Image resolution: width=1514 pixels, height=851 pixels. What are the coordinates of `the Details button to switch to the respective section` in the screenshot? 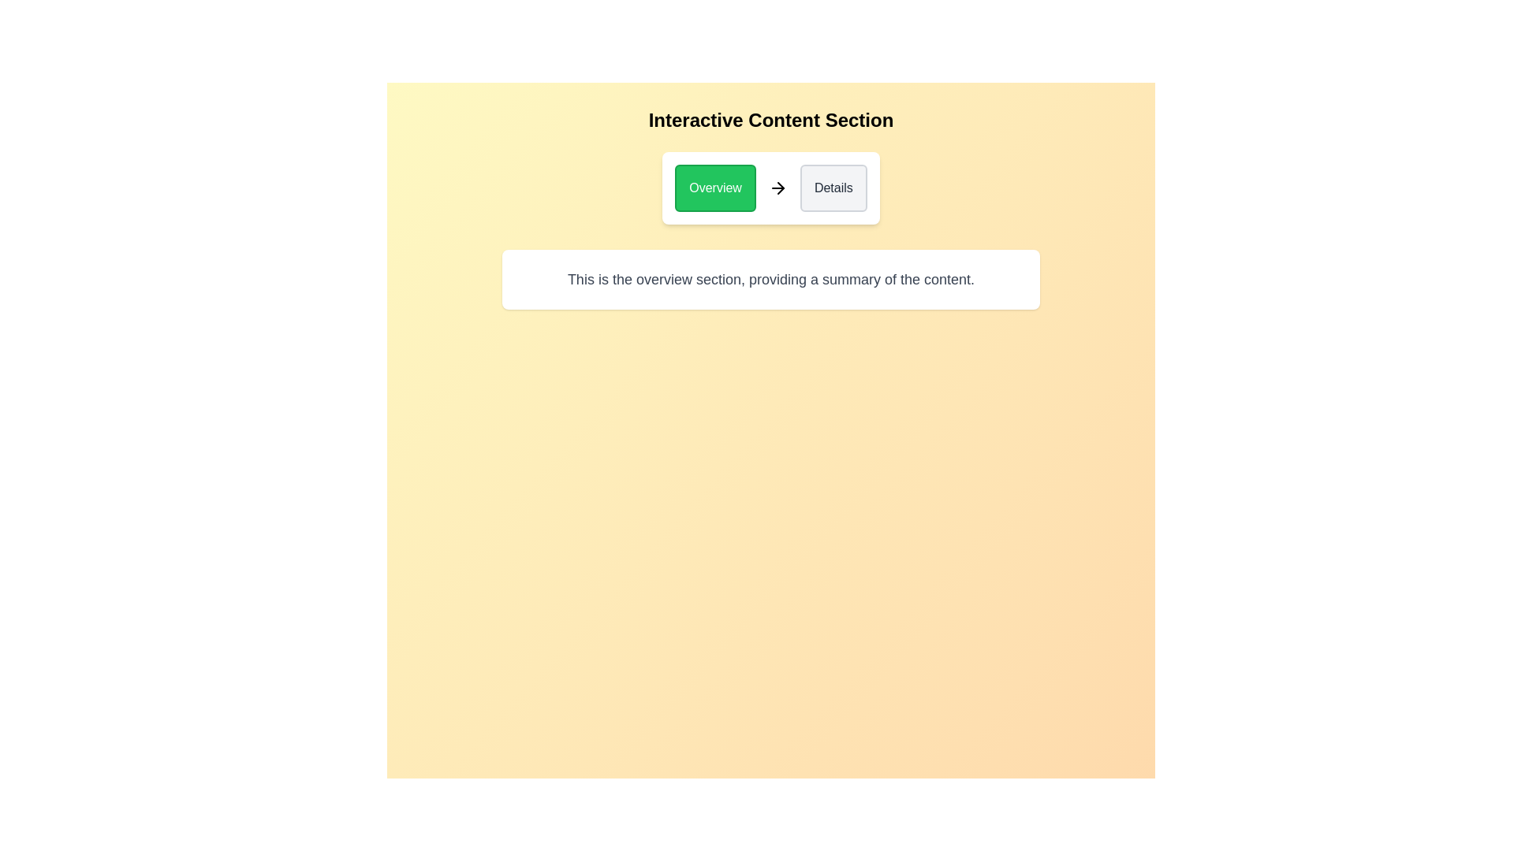 It's located at (833, 188).